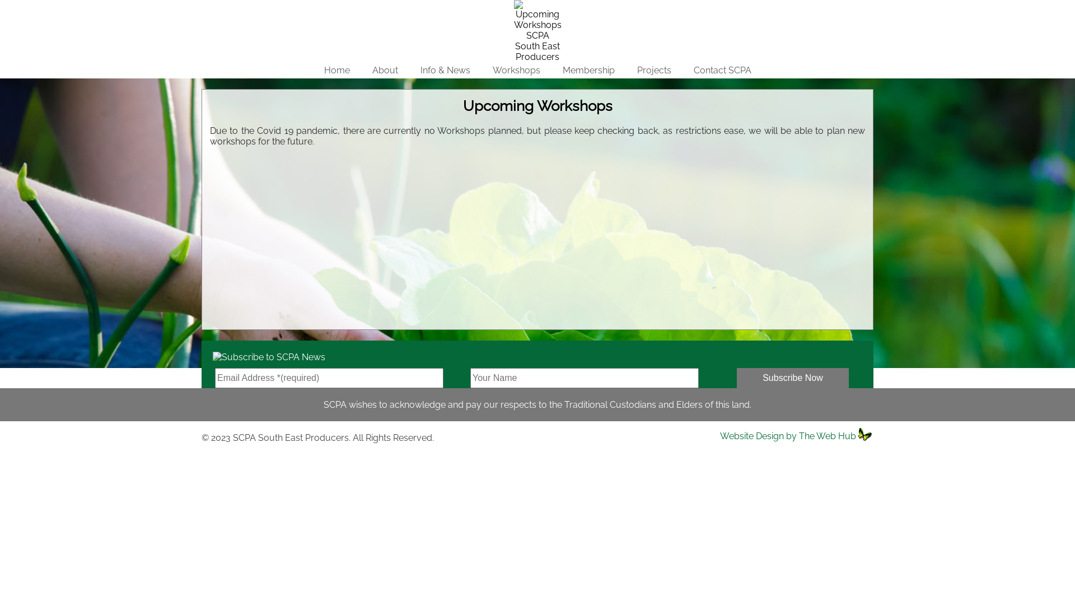  Describe the element at coordinates (516, 70) in the screenshot. I see `'Workshops'` at that location.